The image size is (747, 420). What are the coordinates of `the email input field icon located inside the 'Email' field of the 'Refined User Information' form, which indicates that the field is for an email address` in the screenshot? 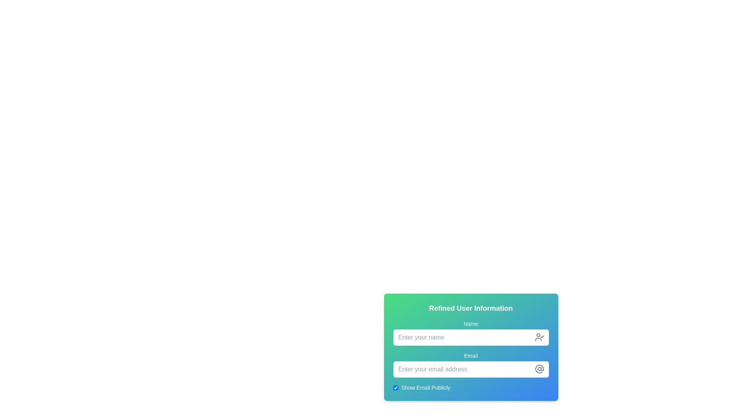 It's located at (539, 368).